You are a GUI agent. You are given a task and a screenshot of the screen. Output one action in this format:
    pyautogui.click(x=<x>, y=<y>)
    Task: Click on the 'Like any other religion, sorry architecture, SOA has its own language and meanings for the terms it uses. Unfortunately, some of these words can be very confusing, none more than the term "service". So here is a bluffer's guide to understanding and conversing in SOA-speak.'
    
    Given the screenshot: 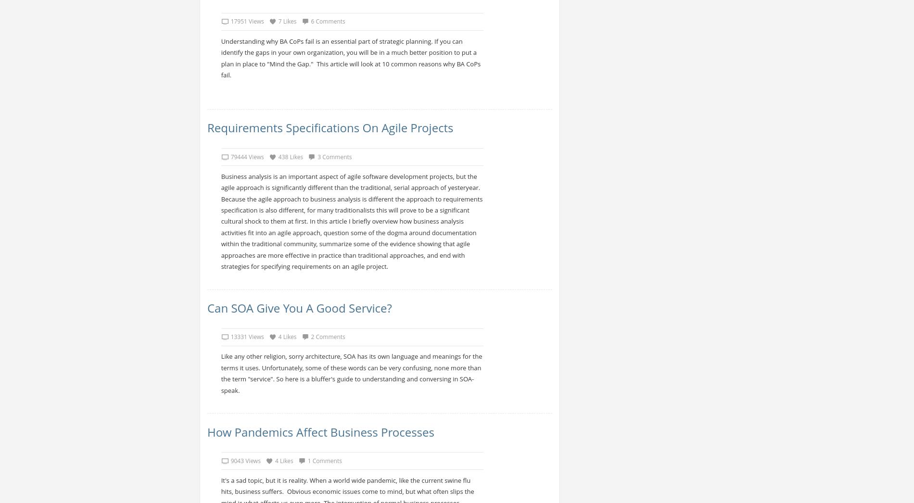 What is the action you would take?
    pyautogui.click(x=351, y=373)
    